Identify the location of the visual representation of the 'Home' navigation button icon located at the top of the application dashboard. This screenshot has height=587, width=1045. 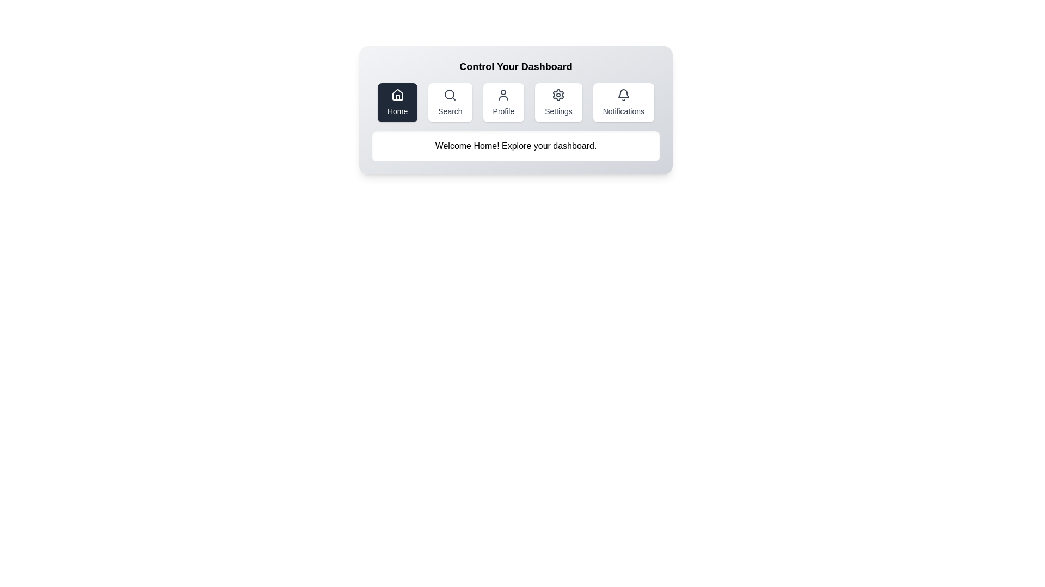
(397, 94).